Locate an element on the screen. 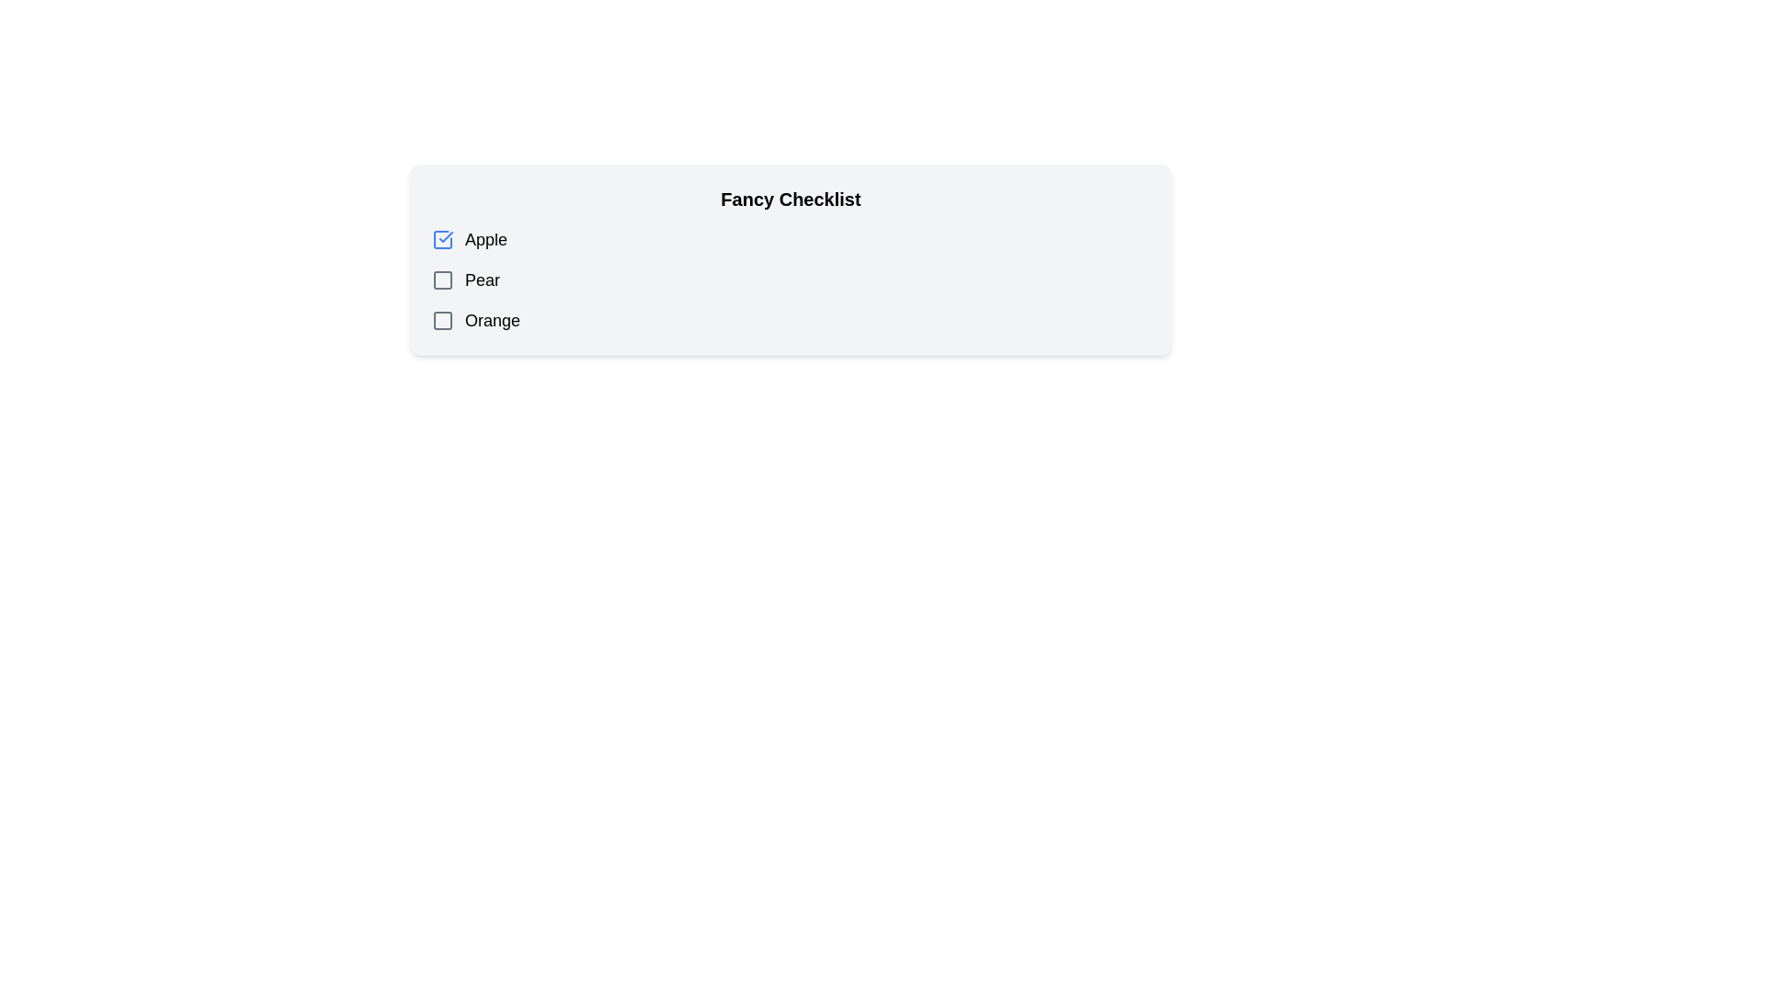 Image resolution: width=1765 pixels, height=993 pixels. the static text label 'Orange' which is the third entry in the list of checkbox options, displaying the text in bold black font is located at coordinates (493, 319).